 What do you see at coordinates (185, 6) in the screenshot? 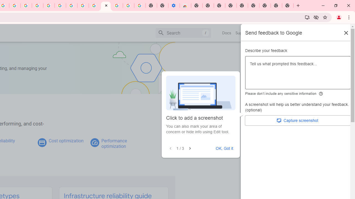
I see `'Chrome Web Store - Accessibility extensions'` at bounding box center [185, 6].